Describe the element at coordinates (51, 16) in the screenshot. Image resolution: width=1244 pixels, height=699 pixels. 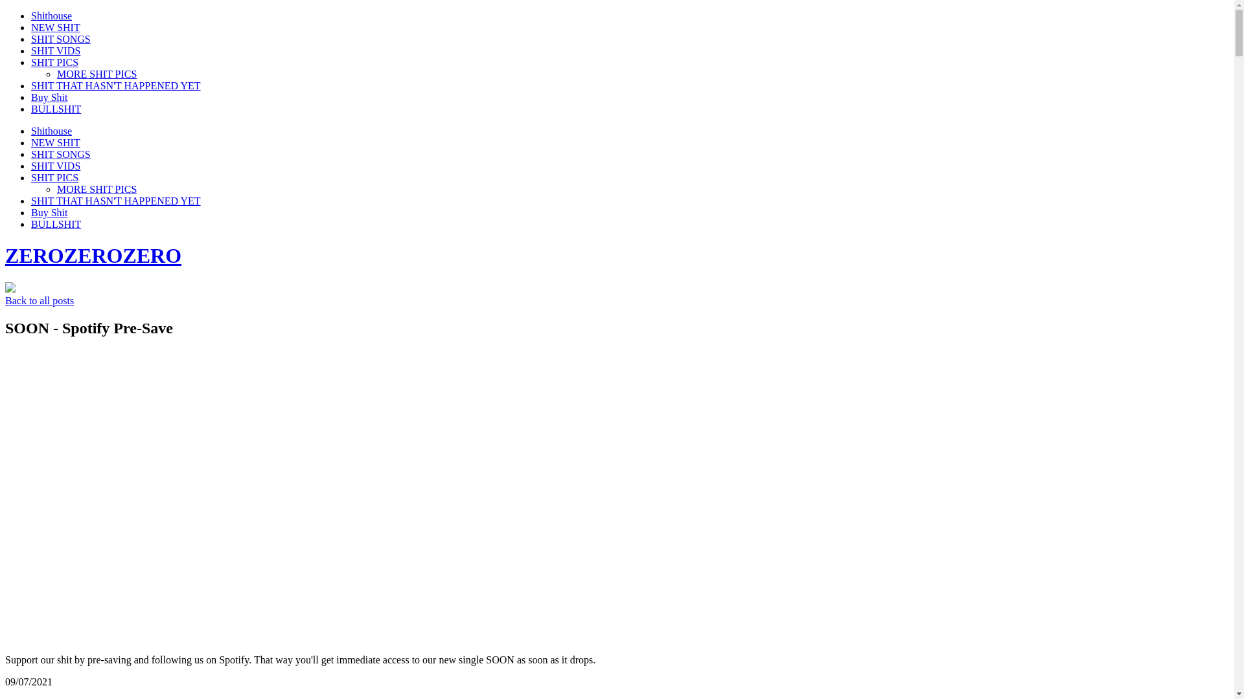
I see `'Shithouse'` at that location.